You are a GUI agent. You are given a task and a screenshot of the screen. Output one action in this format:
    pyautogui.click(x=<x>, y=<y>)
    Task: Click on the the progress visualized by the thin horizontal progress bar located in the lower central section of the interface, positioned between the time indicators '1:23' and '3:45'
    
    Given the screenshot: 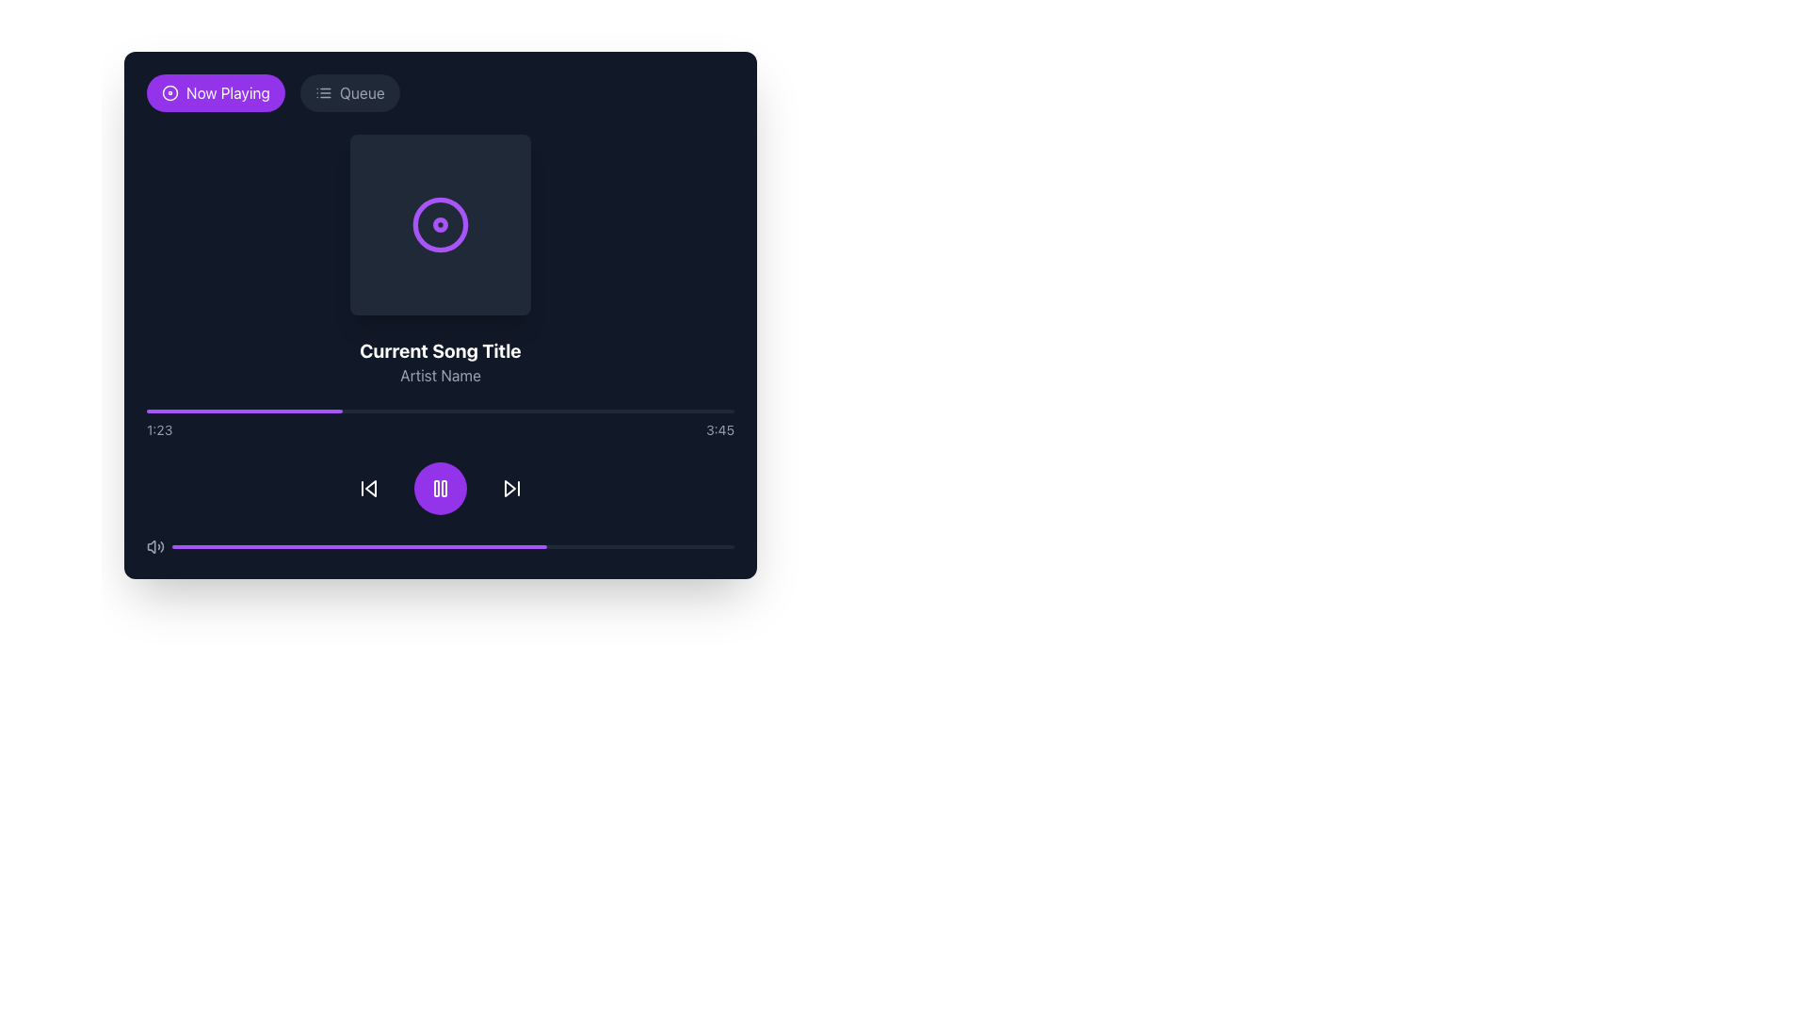 What is the action you would take?
    pyautogui.click(x=439, y=410)
    